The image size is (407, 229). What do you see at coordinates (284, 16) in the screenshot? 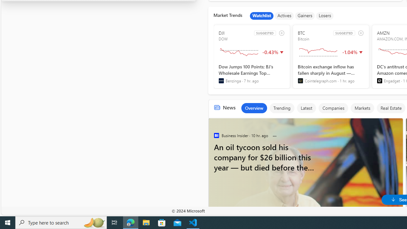
I see `'Actives'` at bounding box center [284, 16].